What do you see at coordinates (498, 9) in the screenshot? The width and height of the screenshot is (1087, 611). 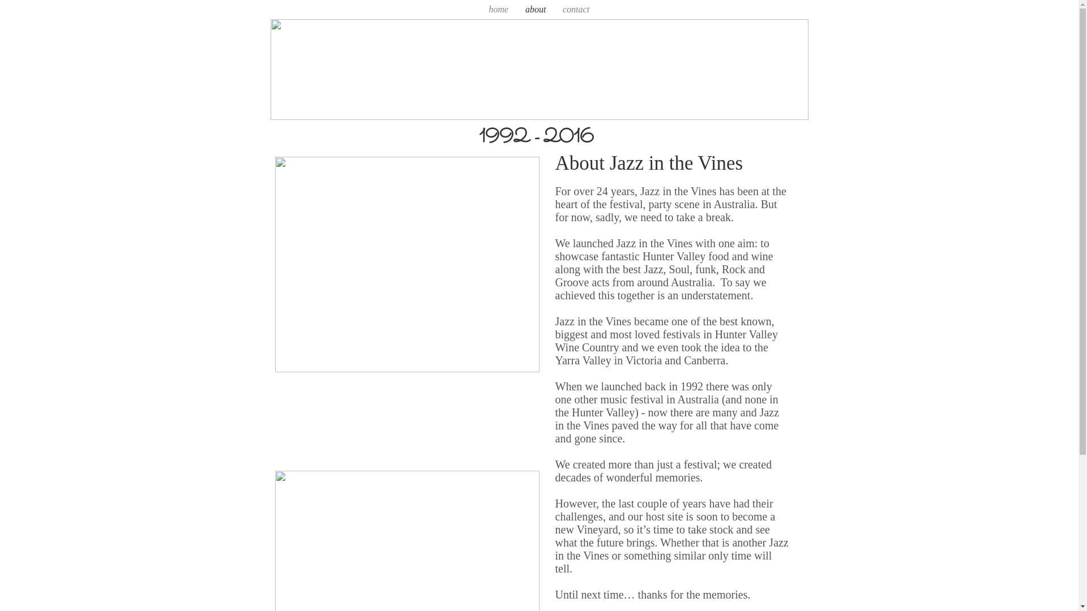 I see `'home'` at bounding box center [498, 9].